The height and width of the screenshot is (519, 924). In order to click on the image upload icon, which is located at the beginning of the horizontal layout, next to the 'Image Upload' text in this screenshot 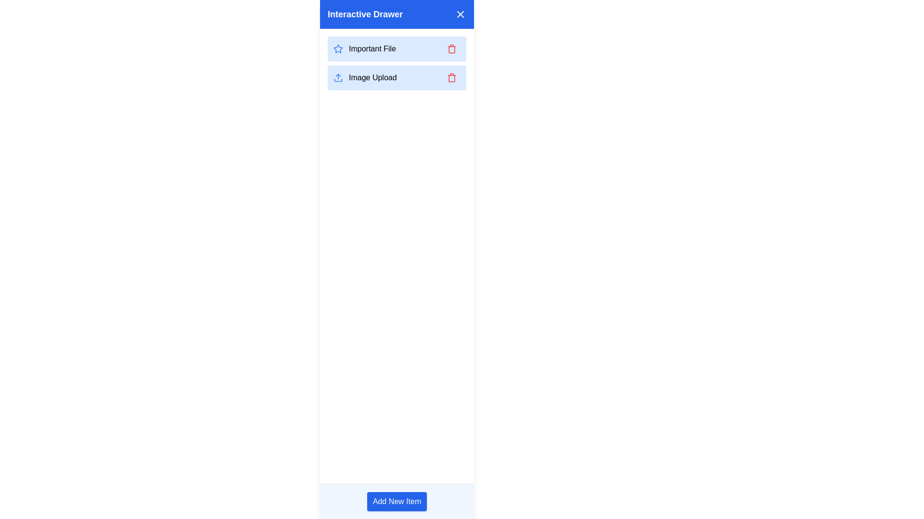, I will do `click(338, 77)`.